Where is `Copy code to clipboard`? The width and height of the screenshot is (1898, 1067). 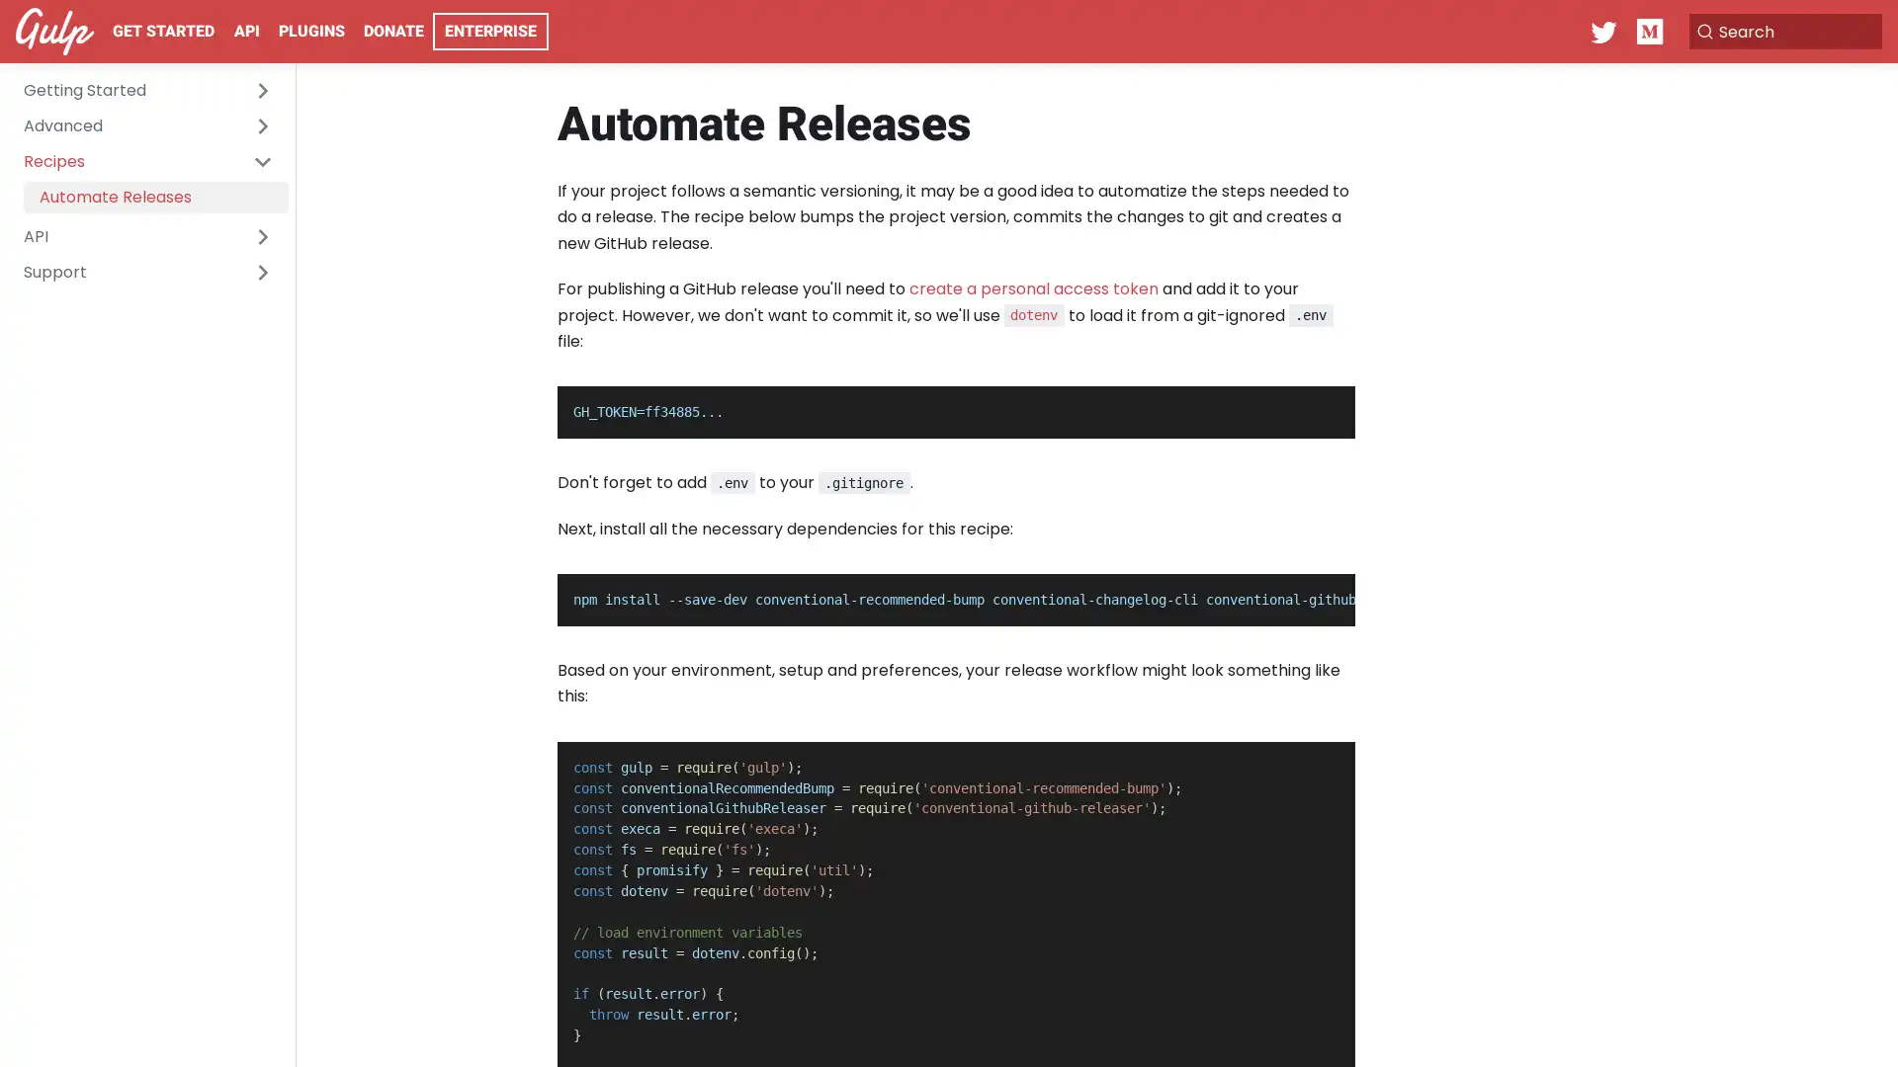
Copy code to clipboard is located at coordinates (1323, 406).